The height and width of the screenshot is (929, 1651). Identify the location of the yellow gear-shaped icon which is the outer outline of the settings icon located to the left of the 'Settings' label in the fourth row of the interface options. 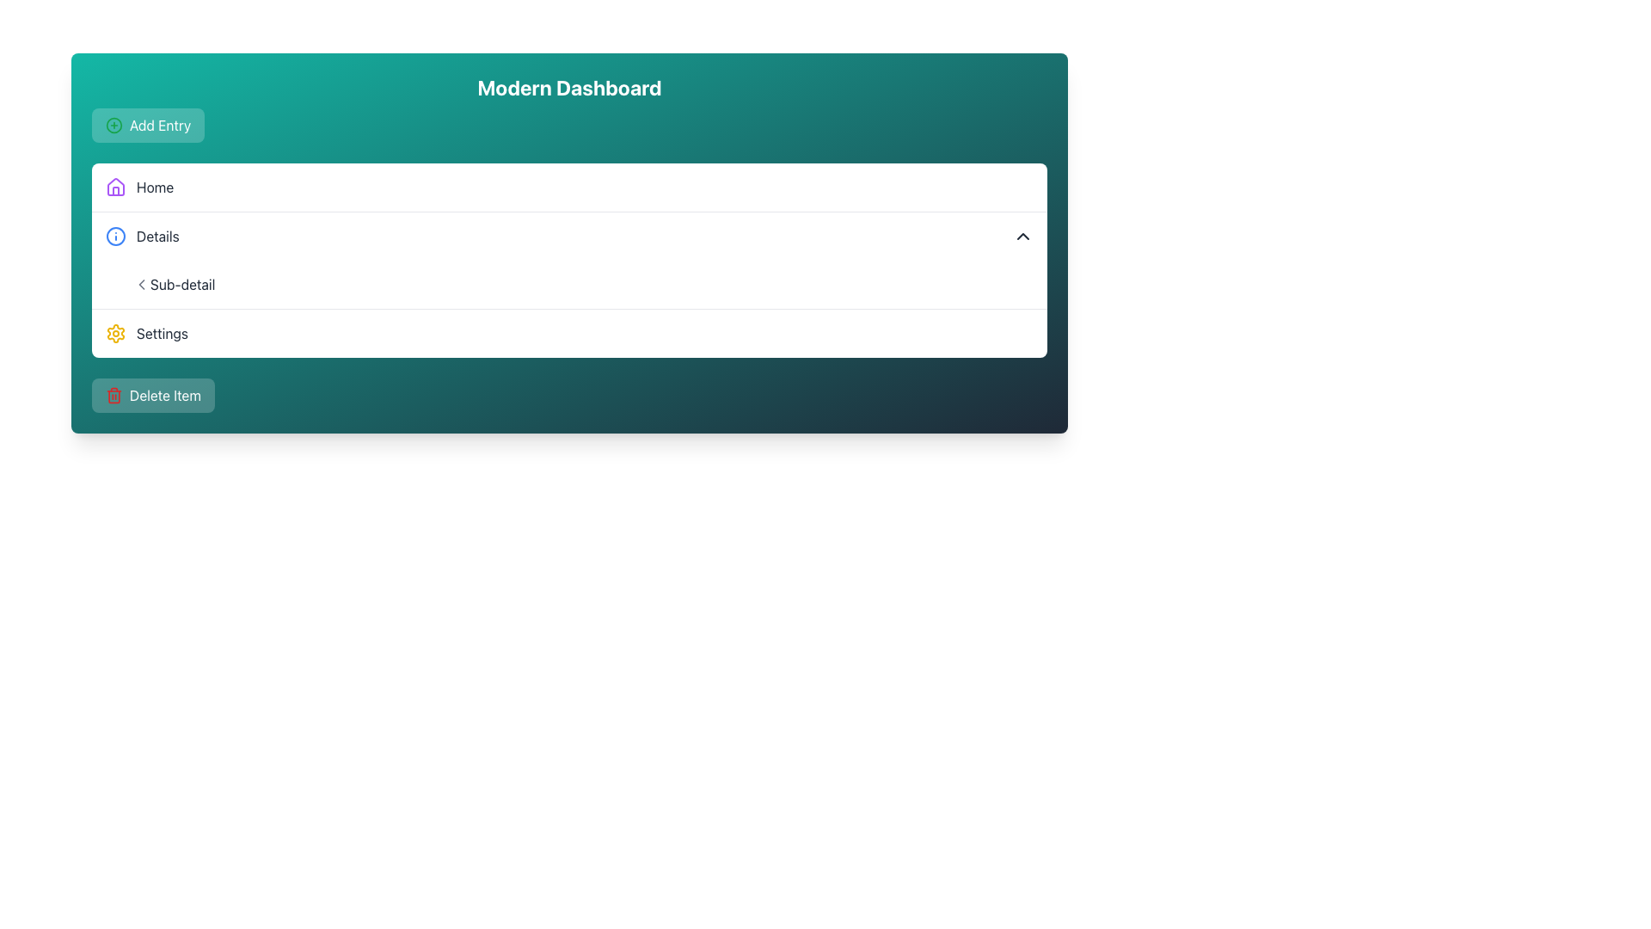
(114, 334).